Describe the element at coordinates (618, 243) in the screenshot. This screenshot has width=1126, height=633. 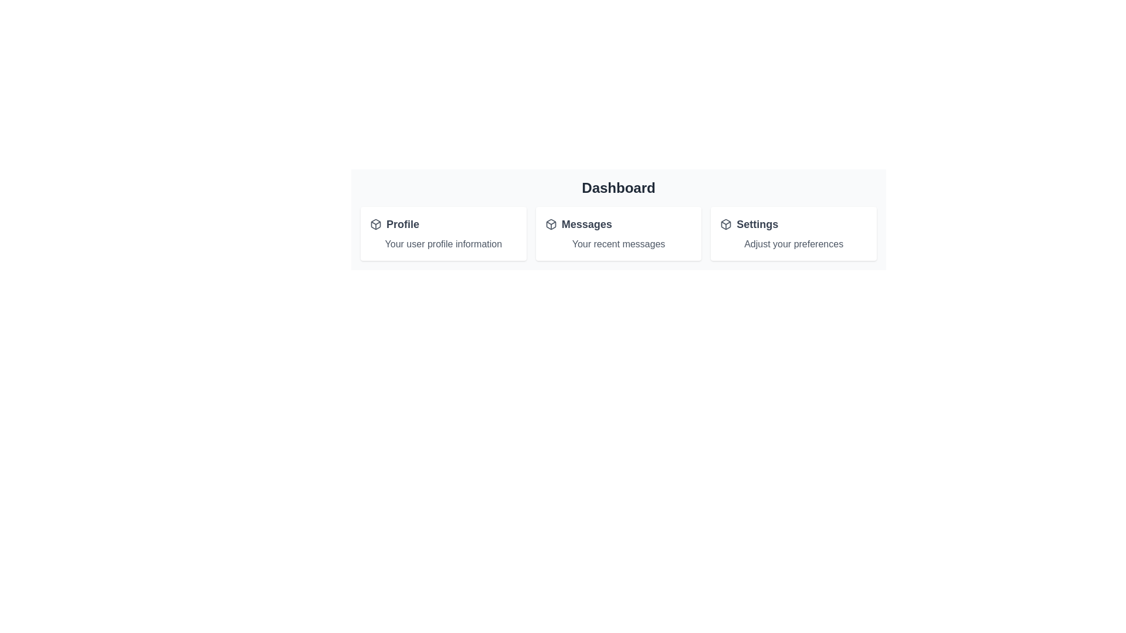
I see `the static text label that provides a description for the 'Messages' section, located below the 'Messages' heading in the card menu` at that location.